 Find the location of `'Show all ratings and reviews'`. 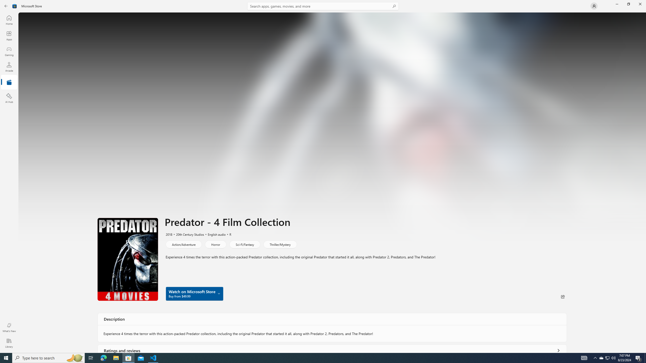

'Show all ratings and reviews' is located at coordinates (558, 349).